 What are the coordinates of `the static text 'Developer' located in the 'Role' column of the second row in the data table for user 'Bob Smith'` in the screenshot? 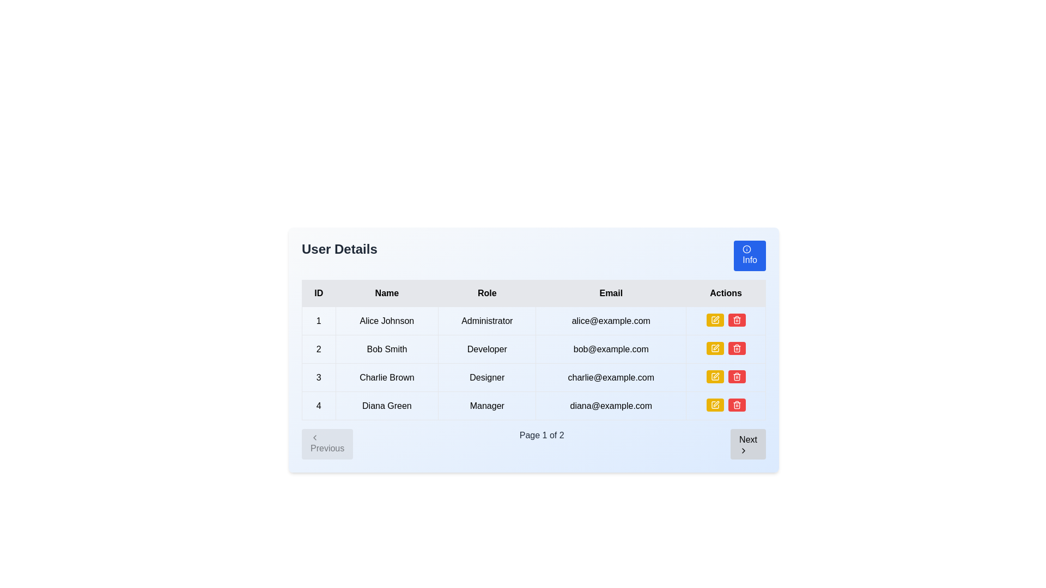 It's located at (486, 349).